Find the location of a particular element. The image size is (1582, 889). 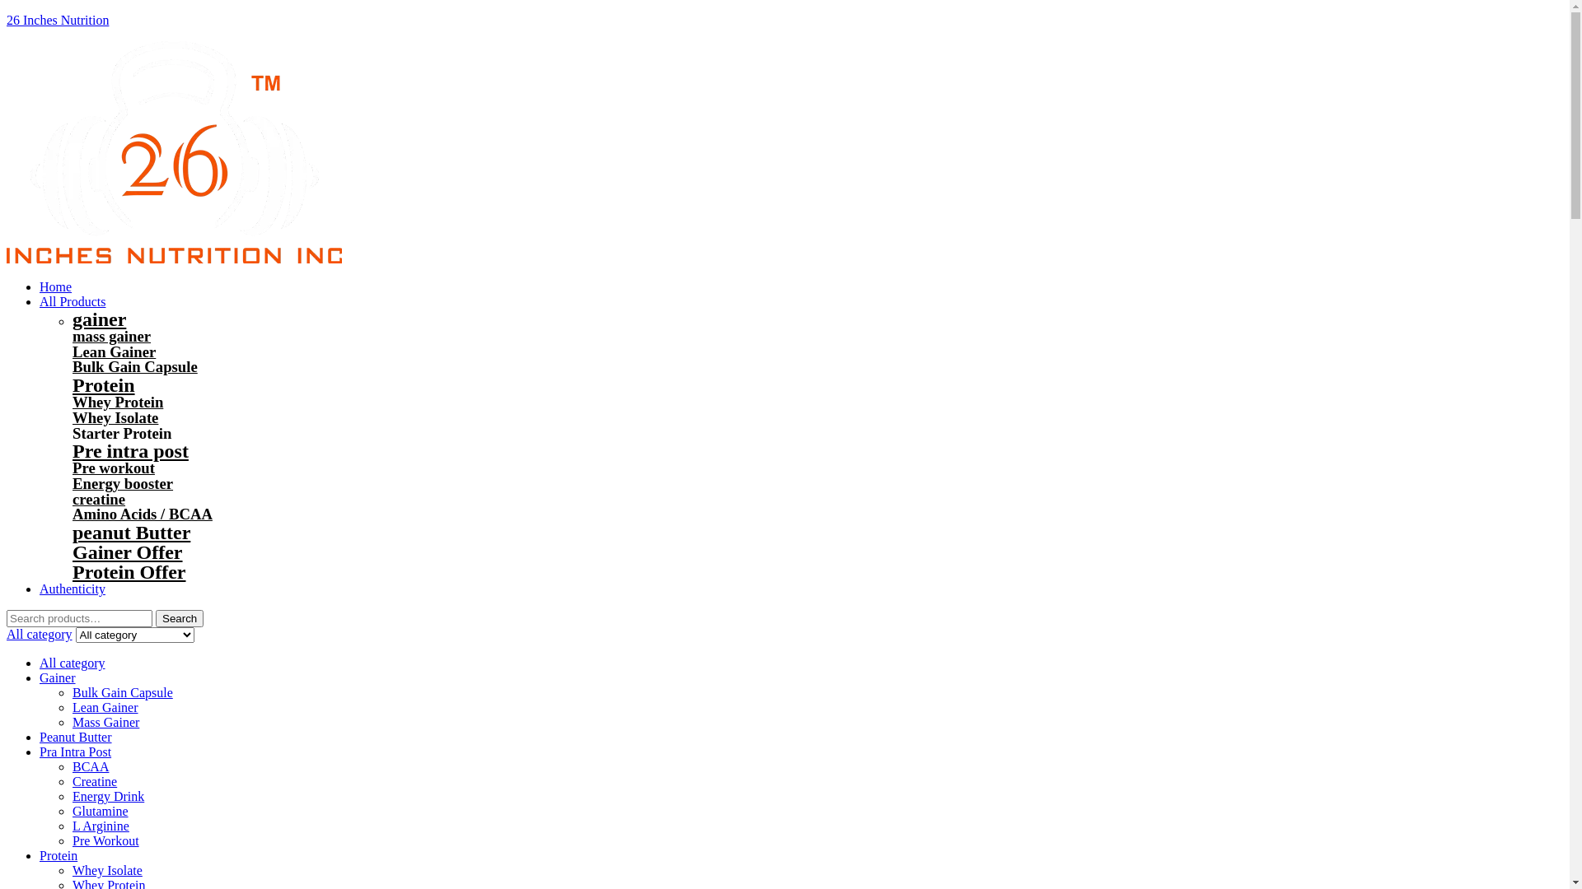

'Search' is located at coordinates (179, 618).